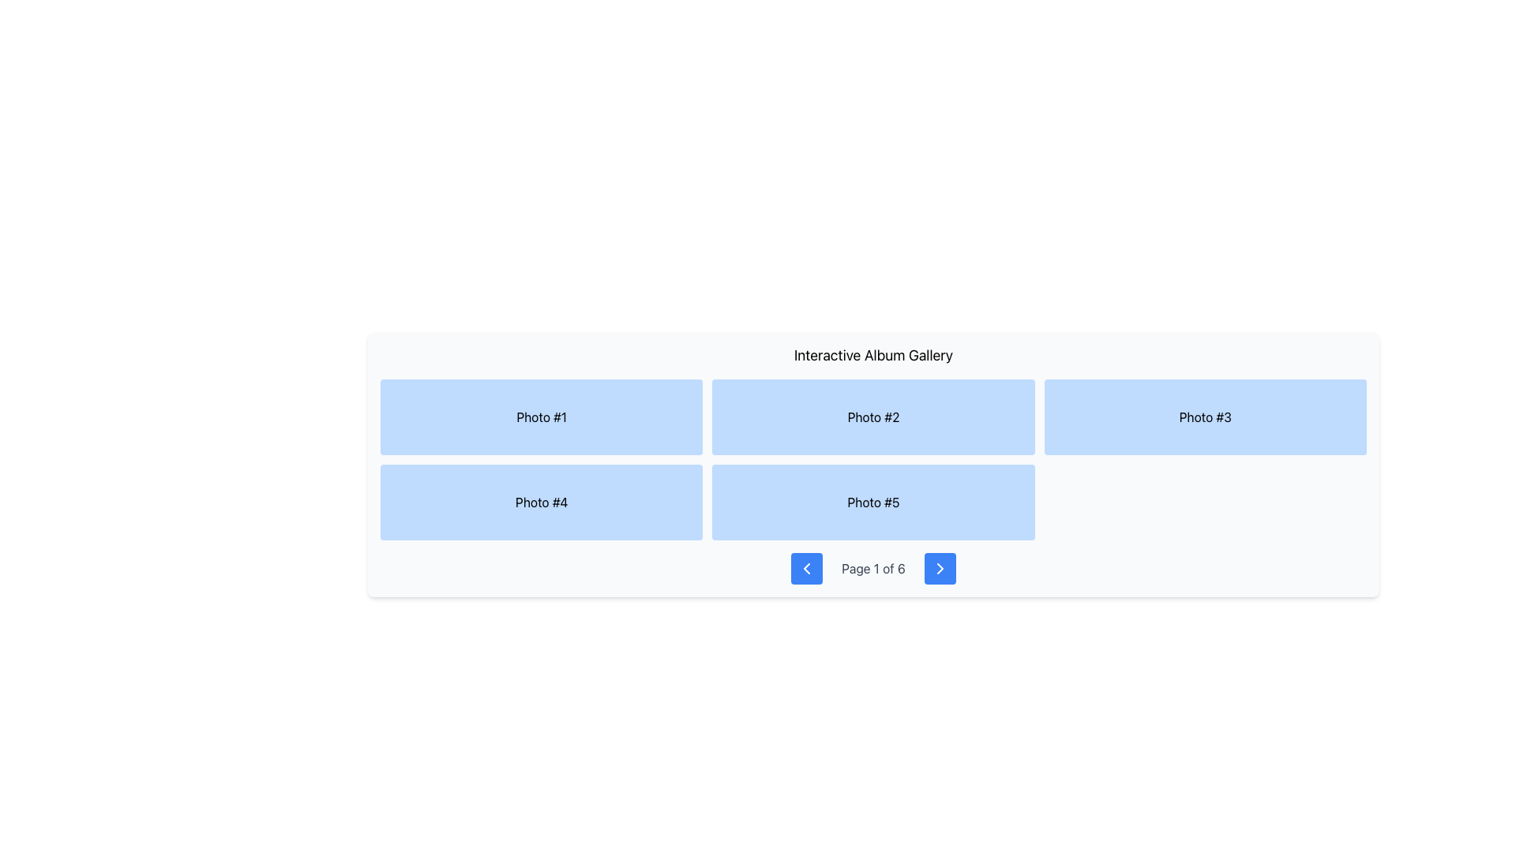 The image size is (1516, 852). I want to click on the interactive gallery photo item labeled 'Photo #2', which is the second block in a 3x2 grid layout, so click(872, 416).